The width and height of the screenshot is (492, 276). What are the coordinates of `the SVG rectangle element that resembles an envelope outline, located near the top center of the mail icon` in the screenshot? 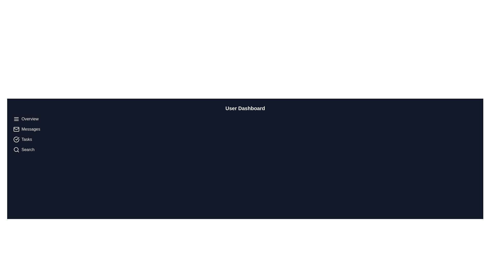 It's located at (16, 129).